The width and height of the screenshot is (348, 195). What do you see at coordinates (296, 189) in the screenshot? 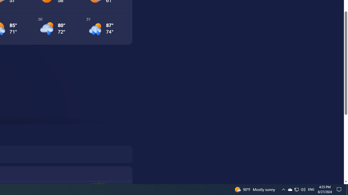
I see `'Tray Input Indicator - English (United States)'` at bounding box center [296, 189].